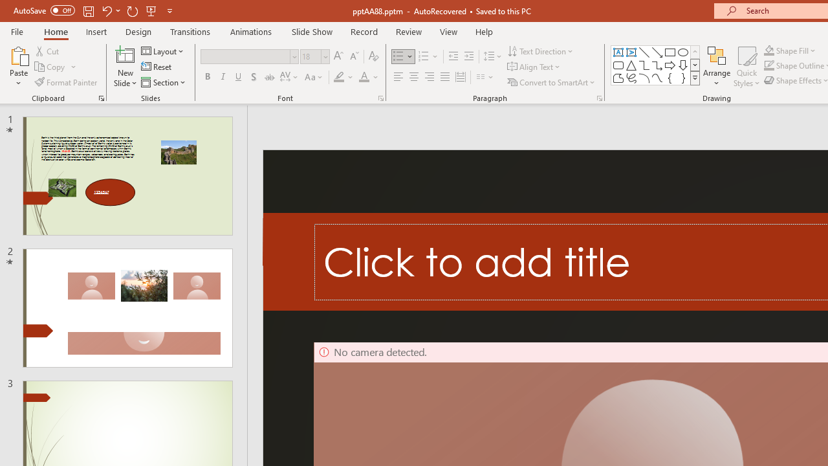 The width and height of the screenshot is (828, 466). What do you see at coordinates (670, 78) in the screenshot?
I see `'Left Brace'` at bounding box center [670, 78].